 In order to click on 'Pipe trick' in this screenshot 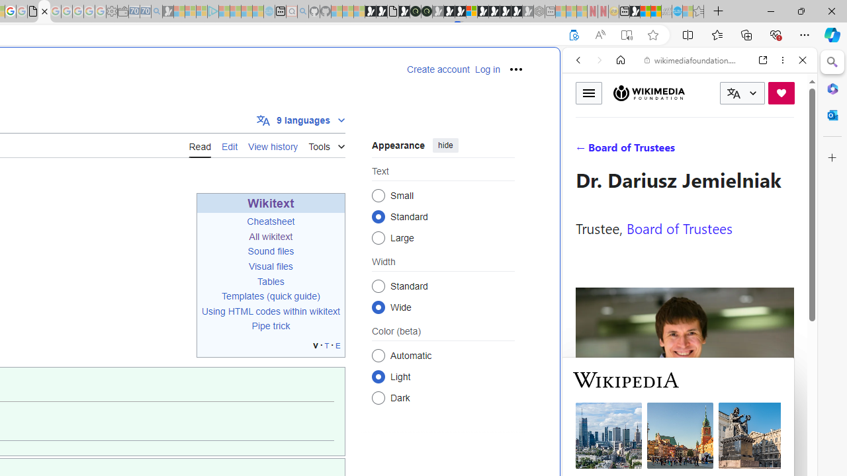, I will do `click(270, 326)`.